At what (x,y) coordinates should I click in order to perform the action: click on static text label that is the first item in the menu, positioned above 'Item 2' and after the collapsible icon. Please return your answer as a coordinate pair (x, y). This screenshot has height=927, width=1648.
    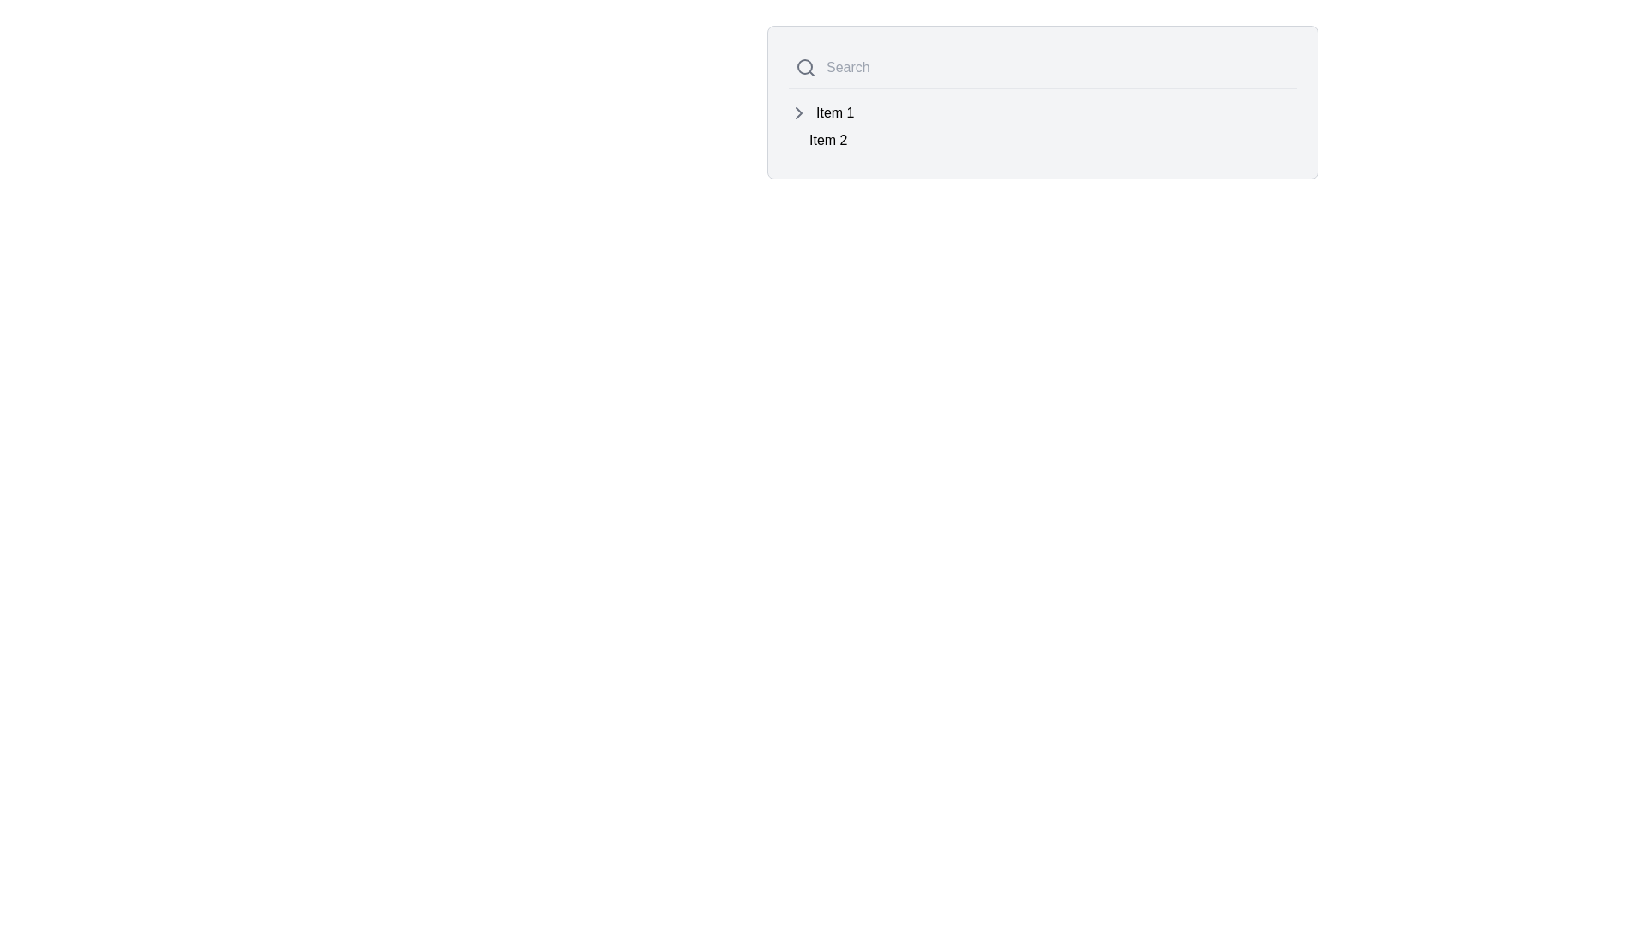
    Looking at the image, I should click on (835, 112).